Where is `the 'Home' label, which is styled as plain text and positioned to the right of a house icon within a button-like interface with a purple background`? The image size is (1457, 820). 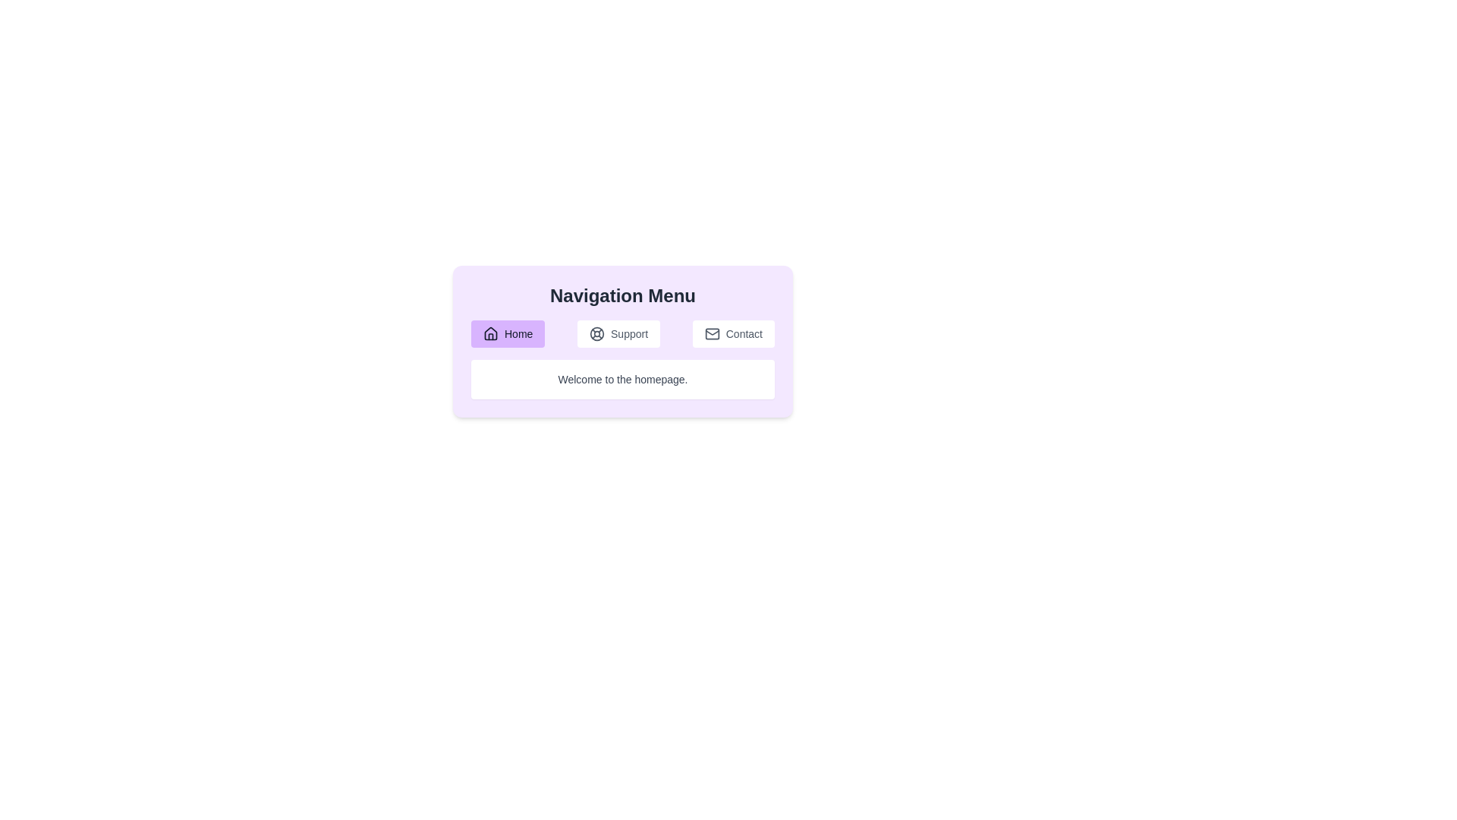 the 'Home' label, which is styled as plain text and positioned to the right of a house icon within a button-like interface with a purple background is located at coordinates (518, 333).